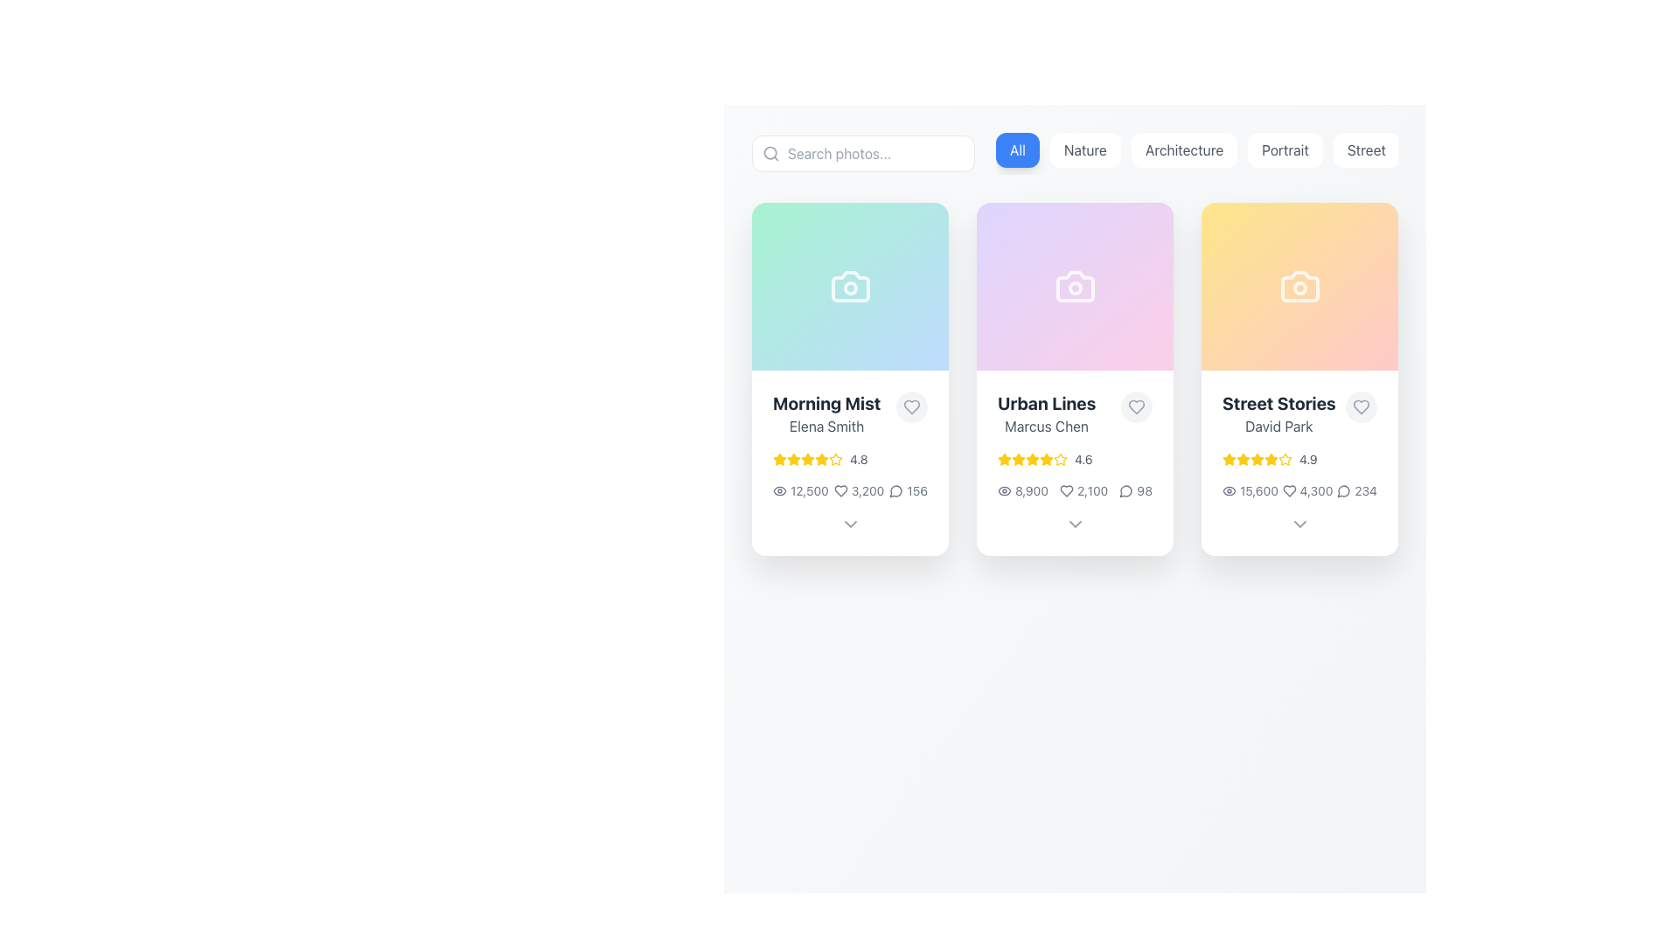  Describe the element at coordinates (850, 285) in the screenshot. I see `the Decorative icon located at the central upper portion of the 'Morning Mist' card, which is part of a gallery of cards` at that location.